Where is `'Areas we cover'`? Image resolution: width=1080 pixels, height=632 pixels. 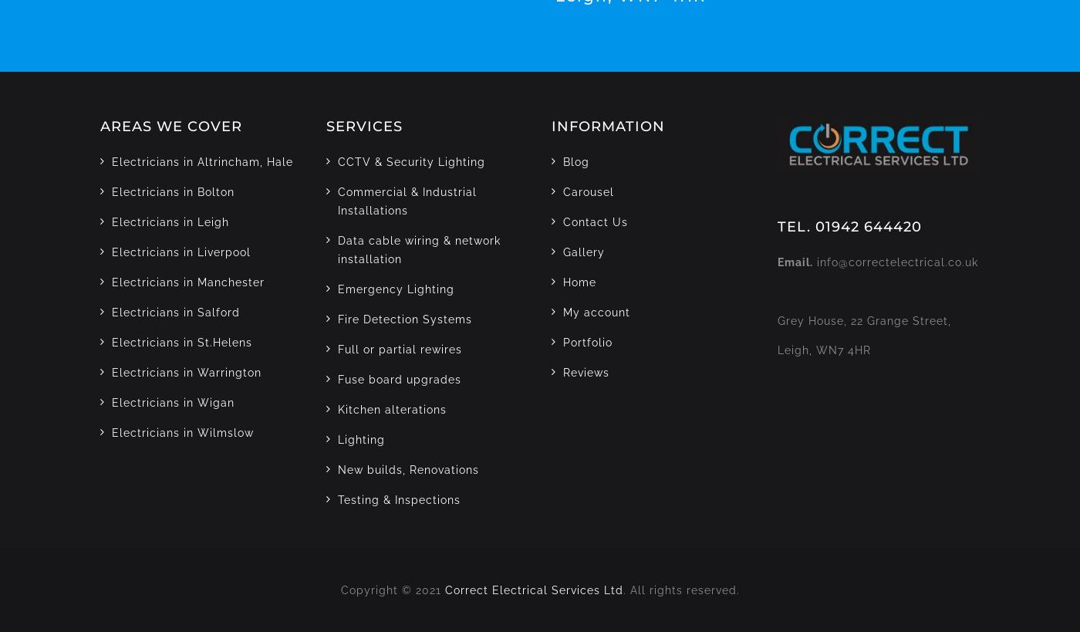
'Areas we cover' is located at coordinates (170, 124).